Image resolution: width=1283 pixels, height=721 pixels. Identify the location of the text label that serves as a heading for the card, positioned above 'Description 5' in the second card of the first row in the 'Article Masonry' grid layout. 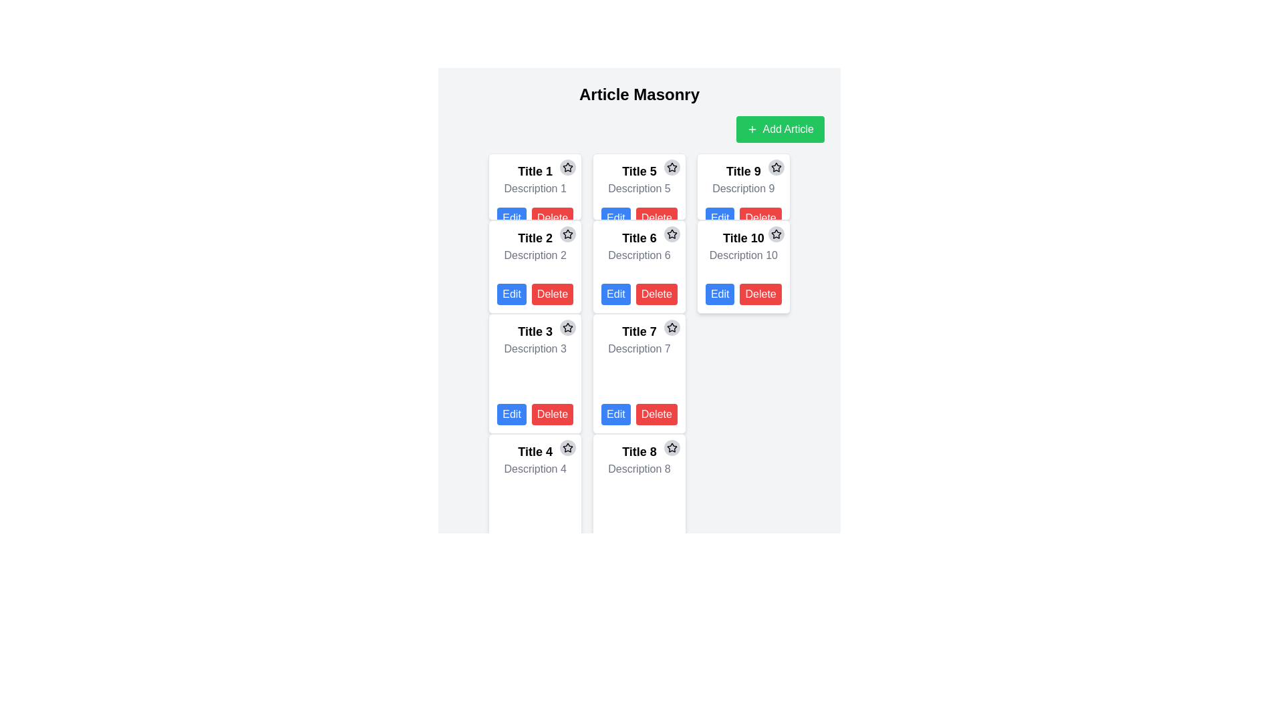
(638, 171).